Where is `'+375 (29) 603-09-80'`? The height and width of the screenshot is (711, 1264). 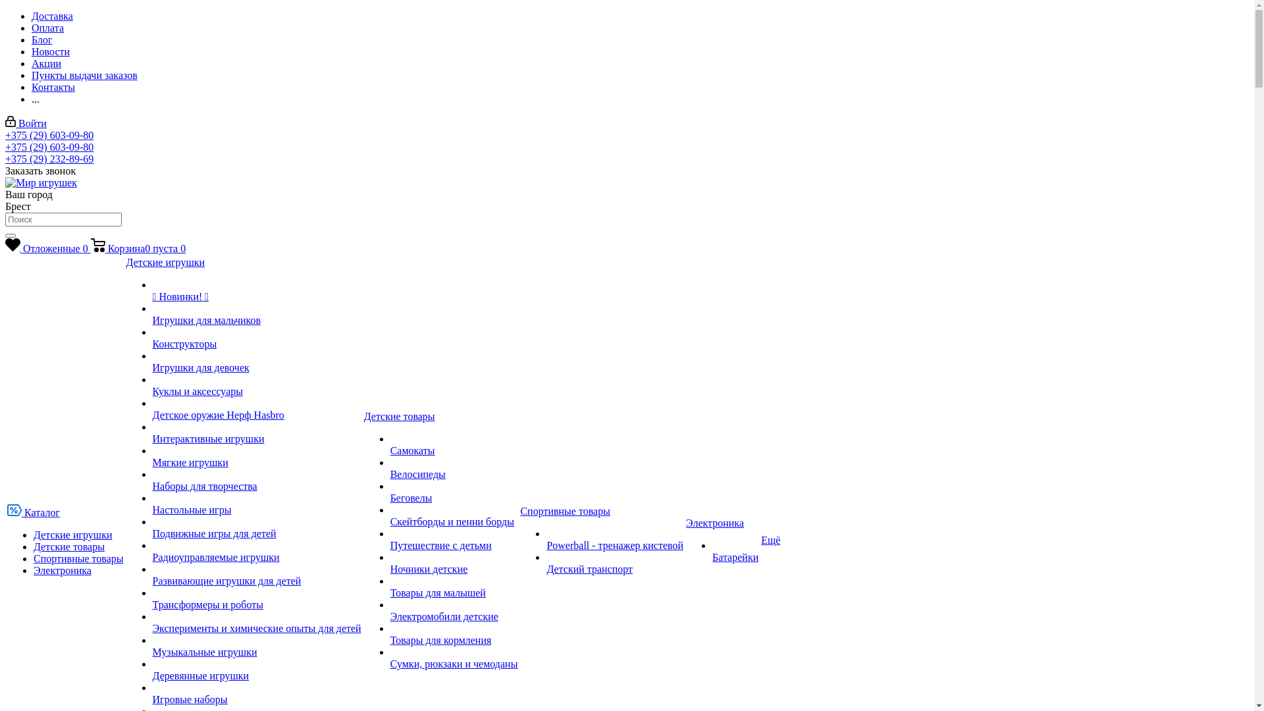 '+375 (29) 603-09-80' is located at coordinates (49, 147).